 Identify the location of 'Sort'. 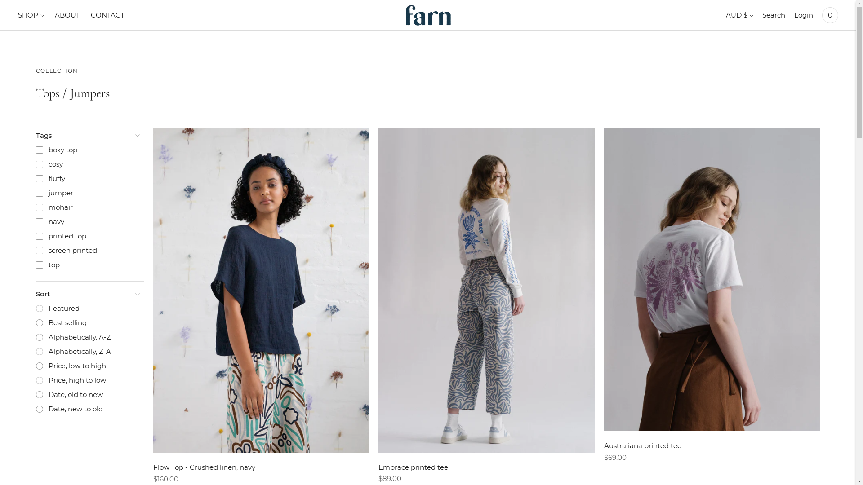
(87, 294).